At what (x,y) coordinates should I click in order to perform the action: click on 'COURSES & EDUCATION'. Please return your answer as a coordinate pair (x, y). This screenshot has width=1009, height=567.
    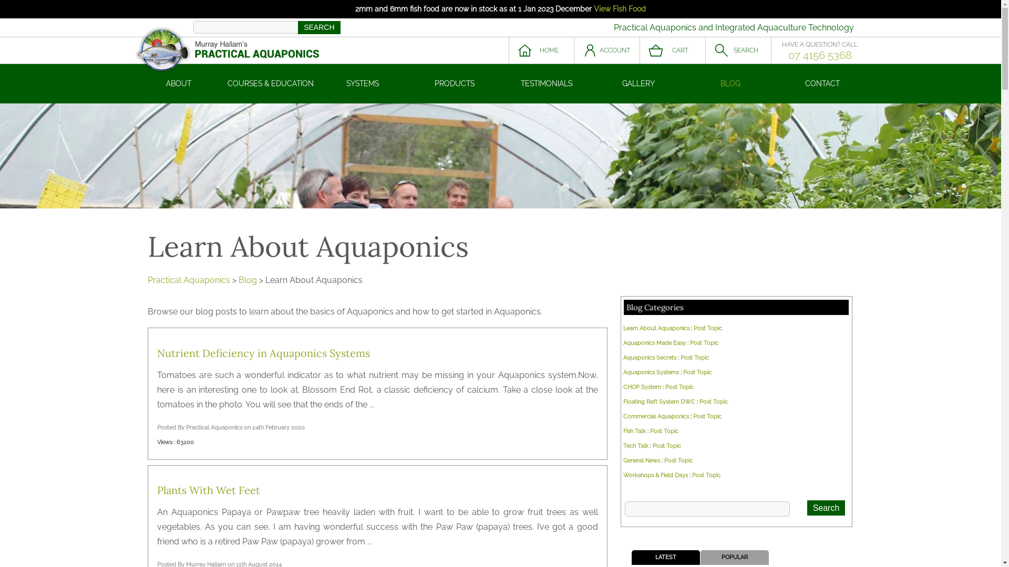
    Looking at the image, I should click on (271, 83).